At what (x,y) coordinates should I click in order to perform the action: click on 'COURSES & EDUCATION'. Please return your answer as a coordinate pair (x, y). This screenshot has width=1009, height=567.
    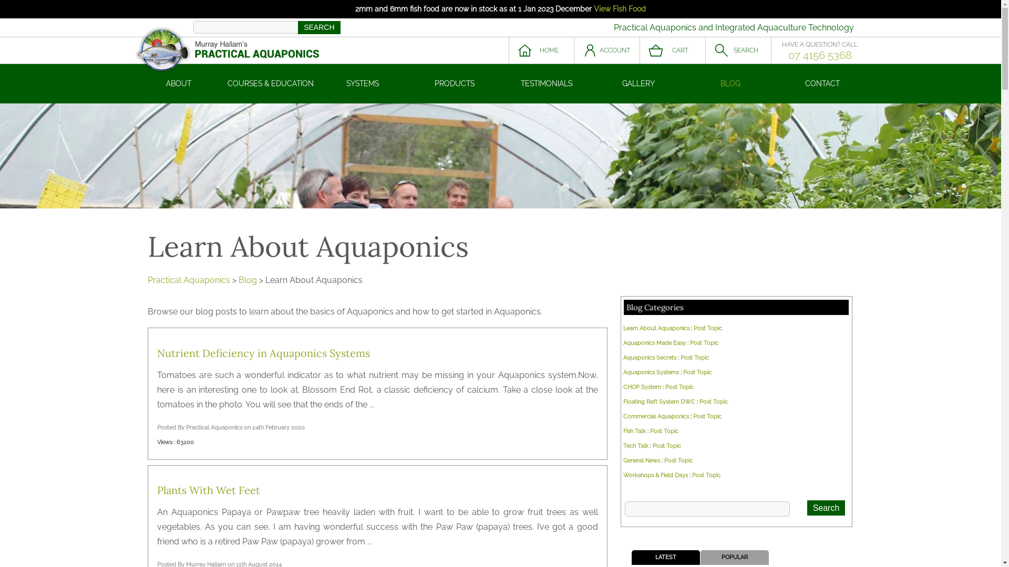
    Looking at the image, I should click on (271, 83).